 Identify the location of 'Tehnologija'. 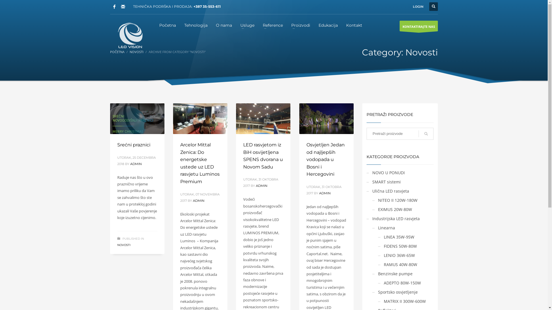
(196, 25).